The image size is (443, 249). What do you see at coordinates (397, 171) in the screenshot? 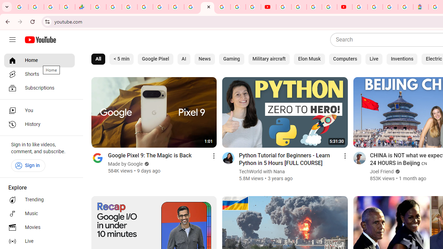
I see `'Verified'` at bounding box center [397, 171].